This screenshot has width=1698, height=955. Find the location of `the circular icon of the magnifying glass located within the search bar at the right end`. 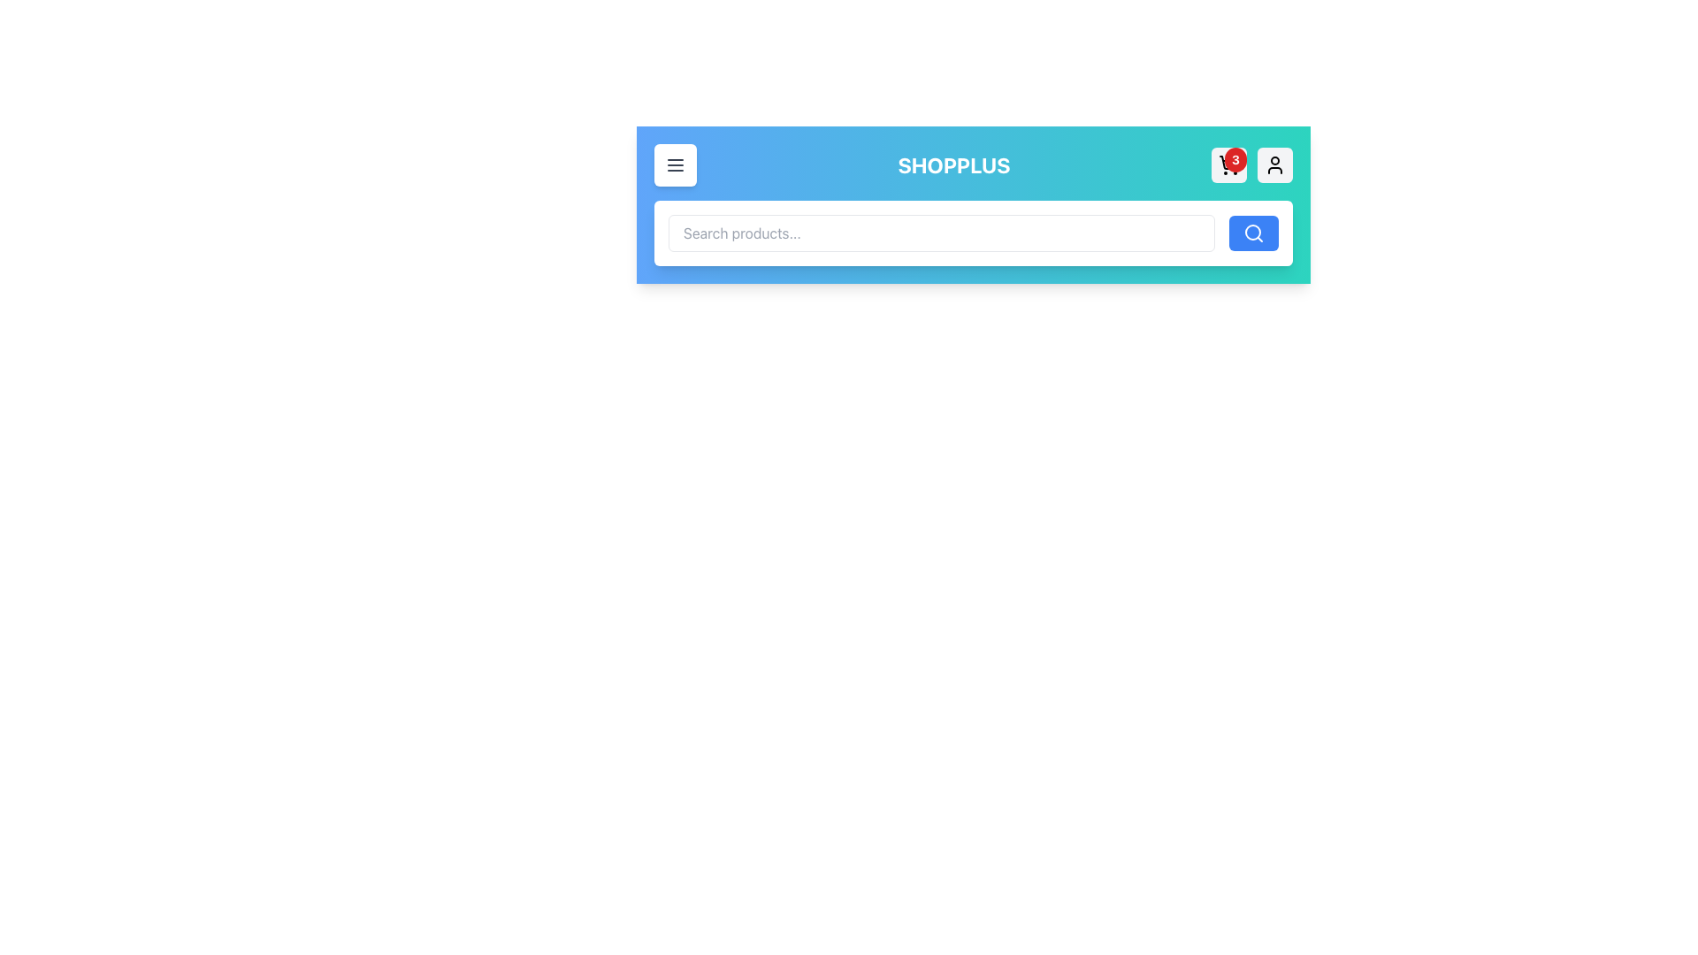

the circular icon of the magnifying glass located within the search bar at the right end is located at coordinates (1251, 231).